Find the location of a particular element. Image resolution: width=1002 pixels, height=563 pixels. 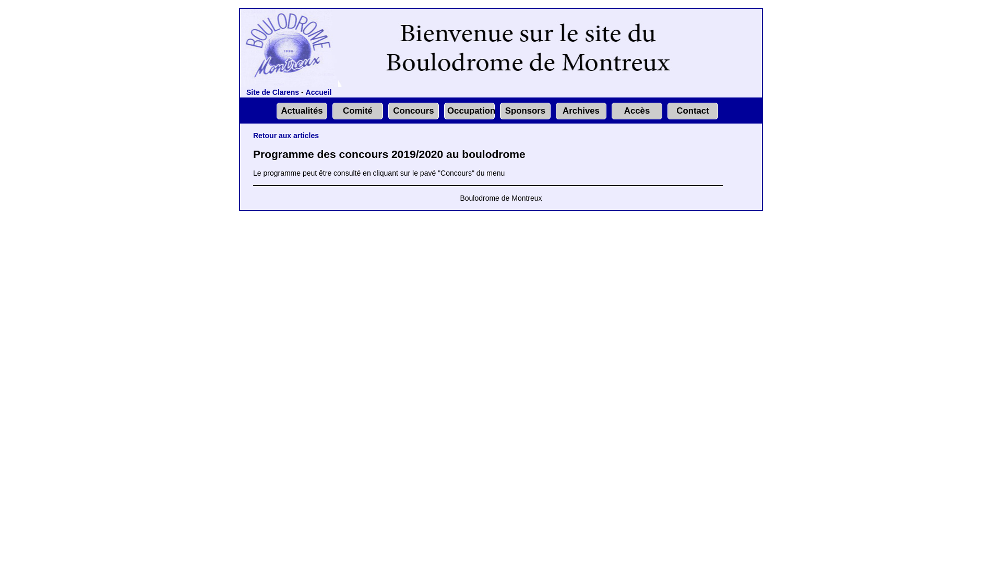

'Concours' is located at coordinates (413, 111).